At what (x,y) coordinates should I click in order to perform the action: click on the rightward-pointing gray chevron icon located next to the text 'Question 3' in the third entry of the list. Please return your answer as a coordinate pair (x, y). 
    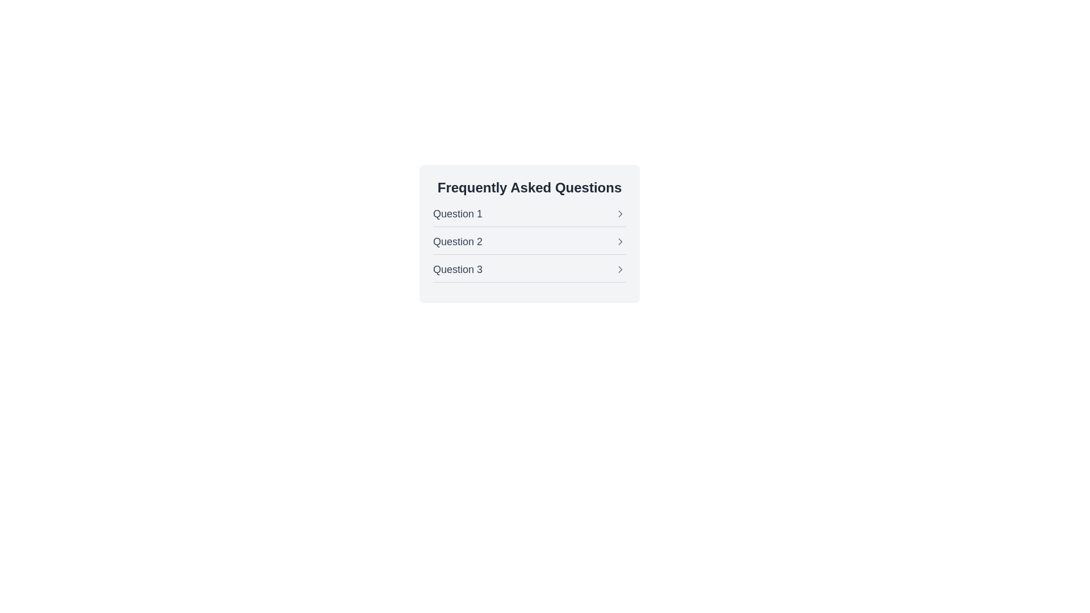
    Looking at the image, I should click on (620, 269).